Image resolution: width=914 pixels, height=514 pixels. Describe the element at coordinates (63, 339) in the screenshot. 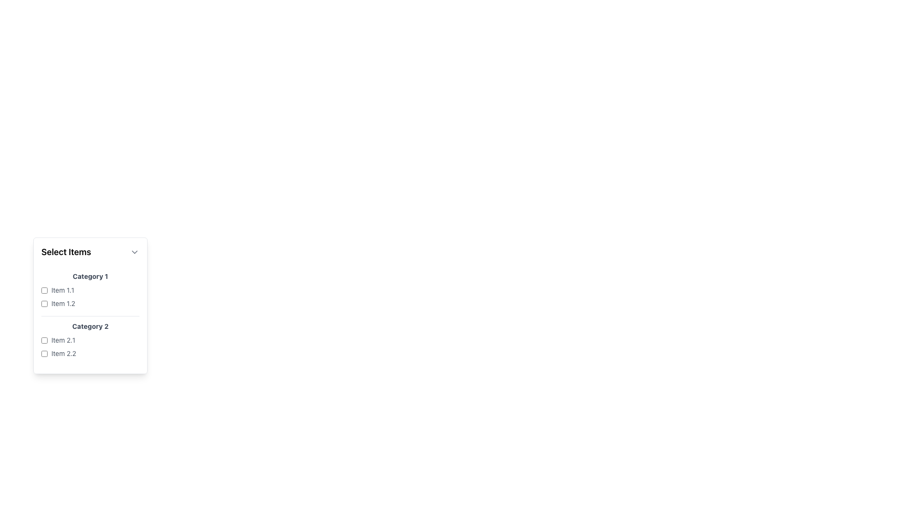

I see `text label 'Item 2.1' which is styled in gray and positioned next to its corresponding checkbox under the section 'Category 2'` at that location.